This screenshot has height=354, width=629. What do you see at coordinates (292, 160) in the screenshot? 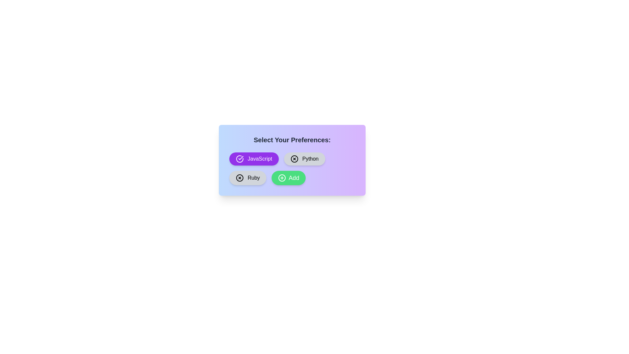
I see `the container background to interact with it` at bounding box center [292, 160].